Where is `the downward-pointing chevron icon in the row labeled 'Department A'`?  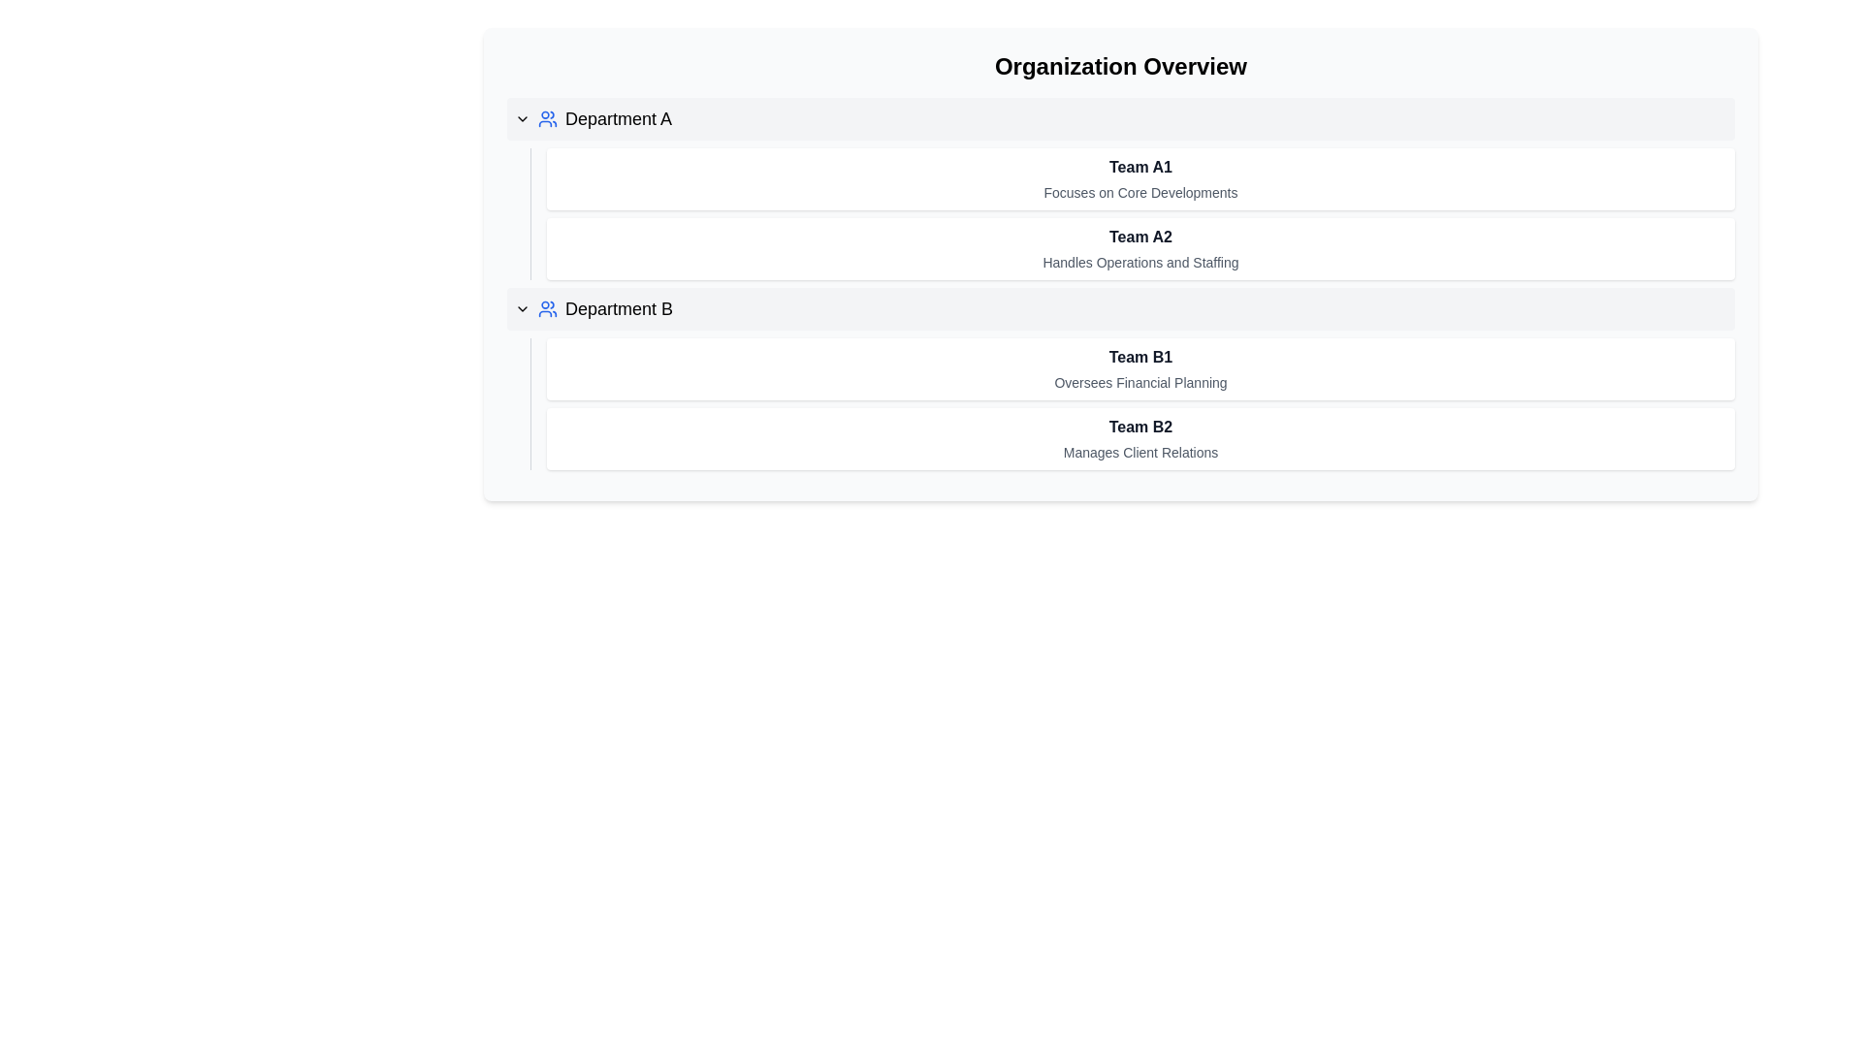 the downward-pointing chevron icon in the row labeled 'Department A' is located at coordinates (522, 119).